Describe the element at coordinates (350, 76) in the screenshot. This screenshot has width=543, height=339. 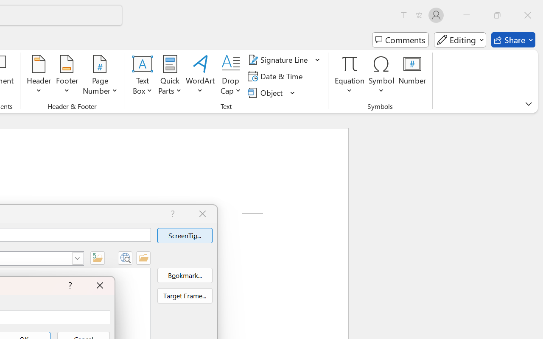
I see `'Equation'` at that location.